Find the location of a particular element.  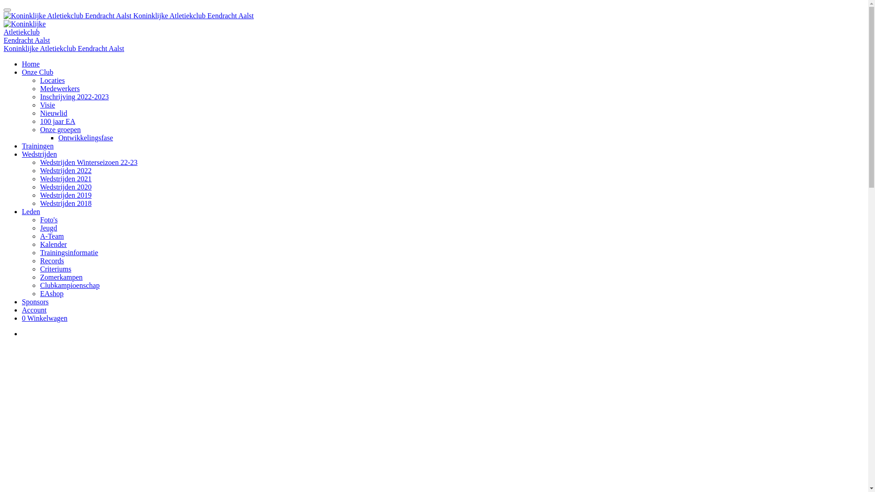

'Criteriums' is located at coordinates (55, 268).